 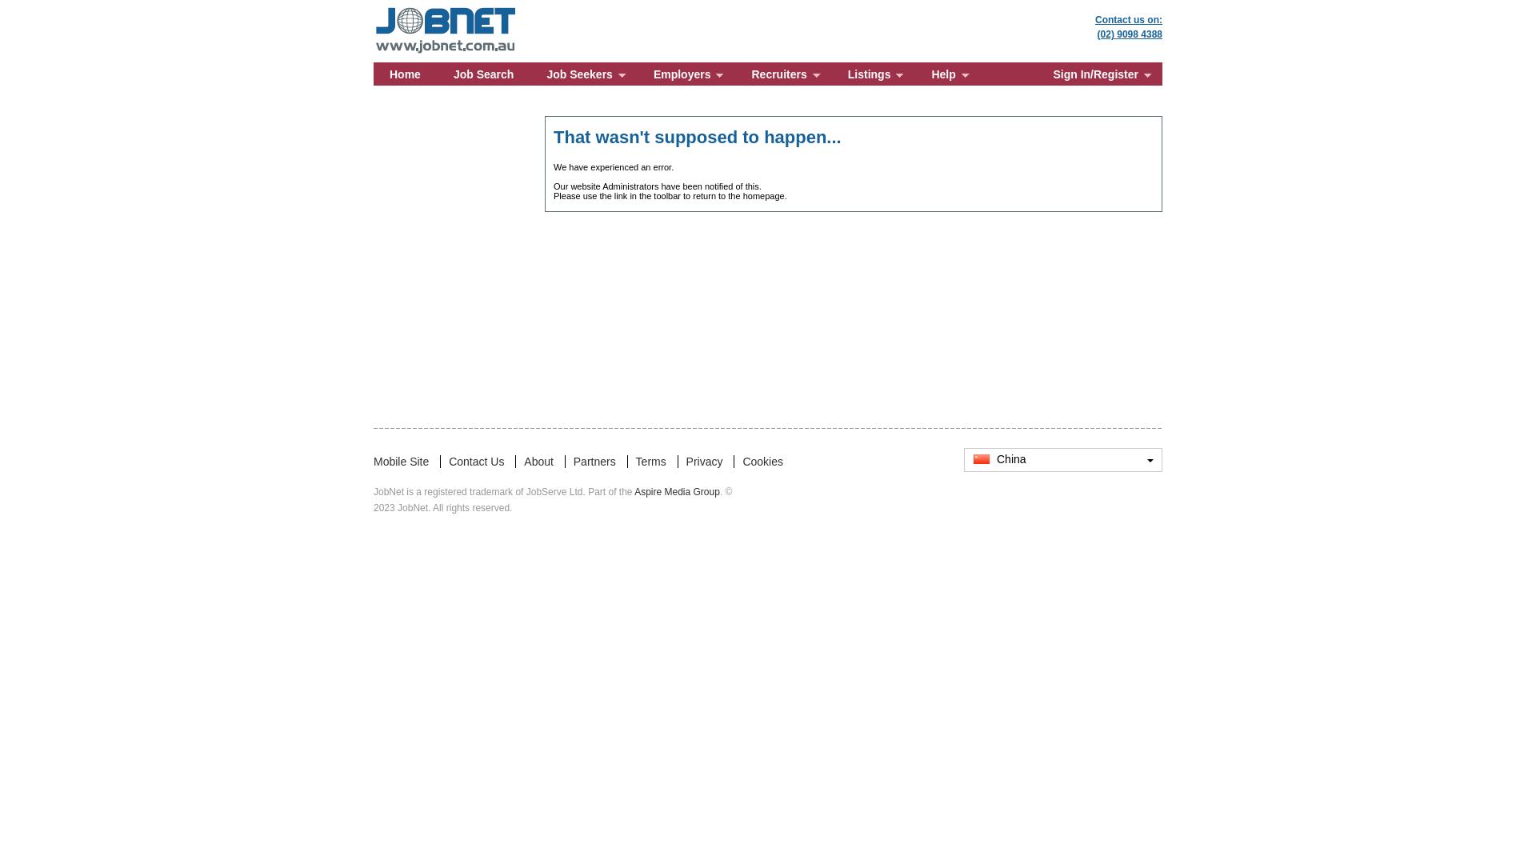 What do you see at coordinates (704, 462) in the screenshot?
I see `'Privacy'` at bounding box center [704, 462].